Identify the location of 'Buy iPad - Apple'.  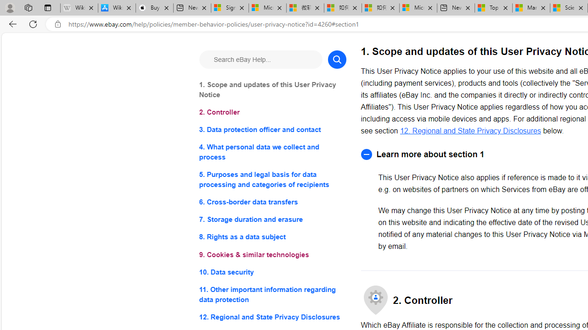
(154, 8).